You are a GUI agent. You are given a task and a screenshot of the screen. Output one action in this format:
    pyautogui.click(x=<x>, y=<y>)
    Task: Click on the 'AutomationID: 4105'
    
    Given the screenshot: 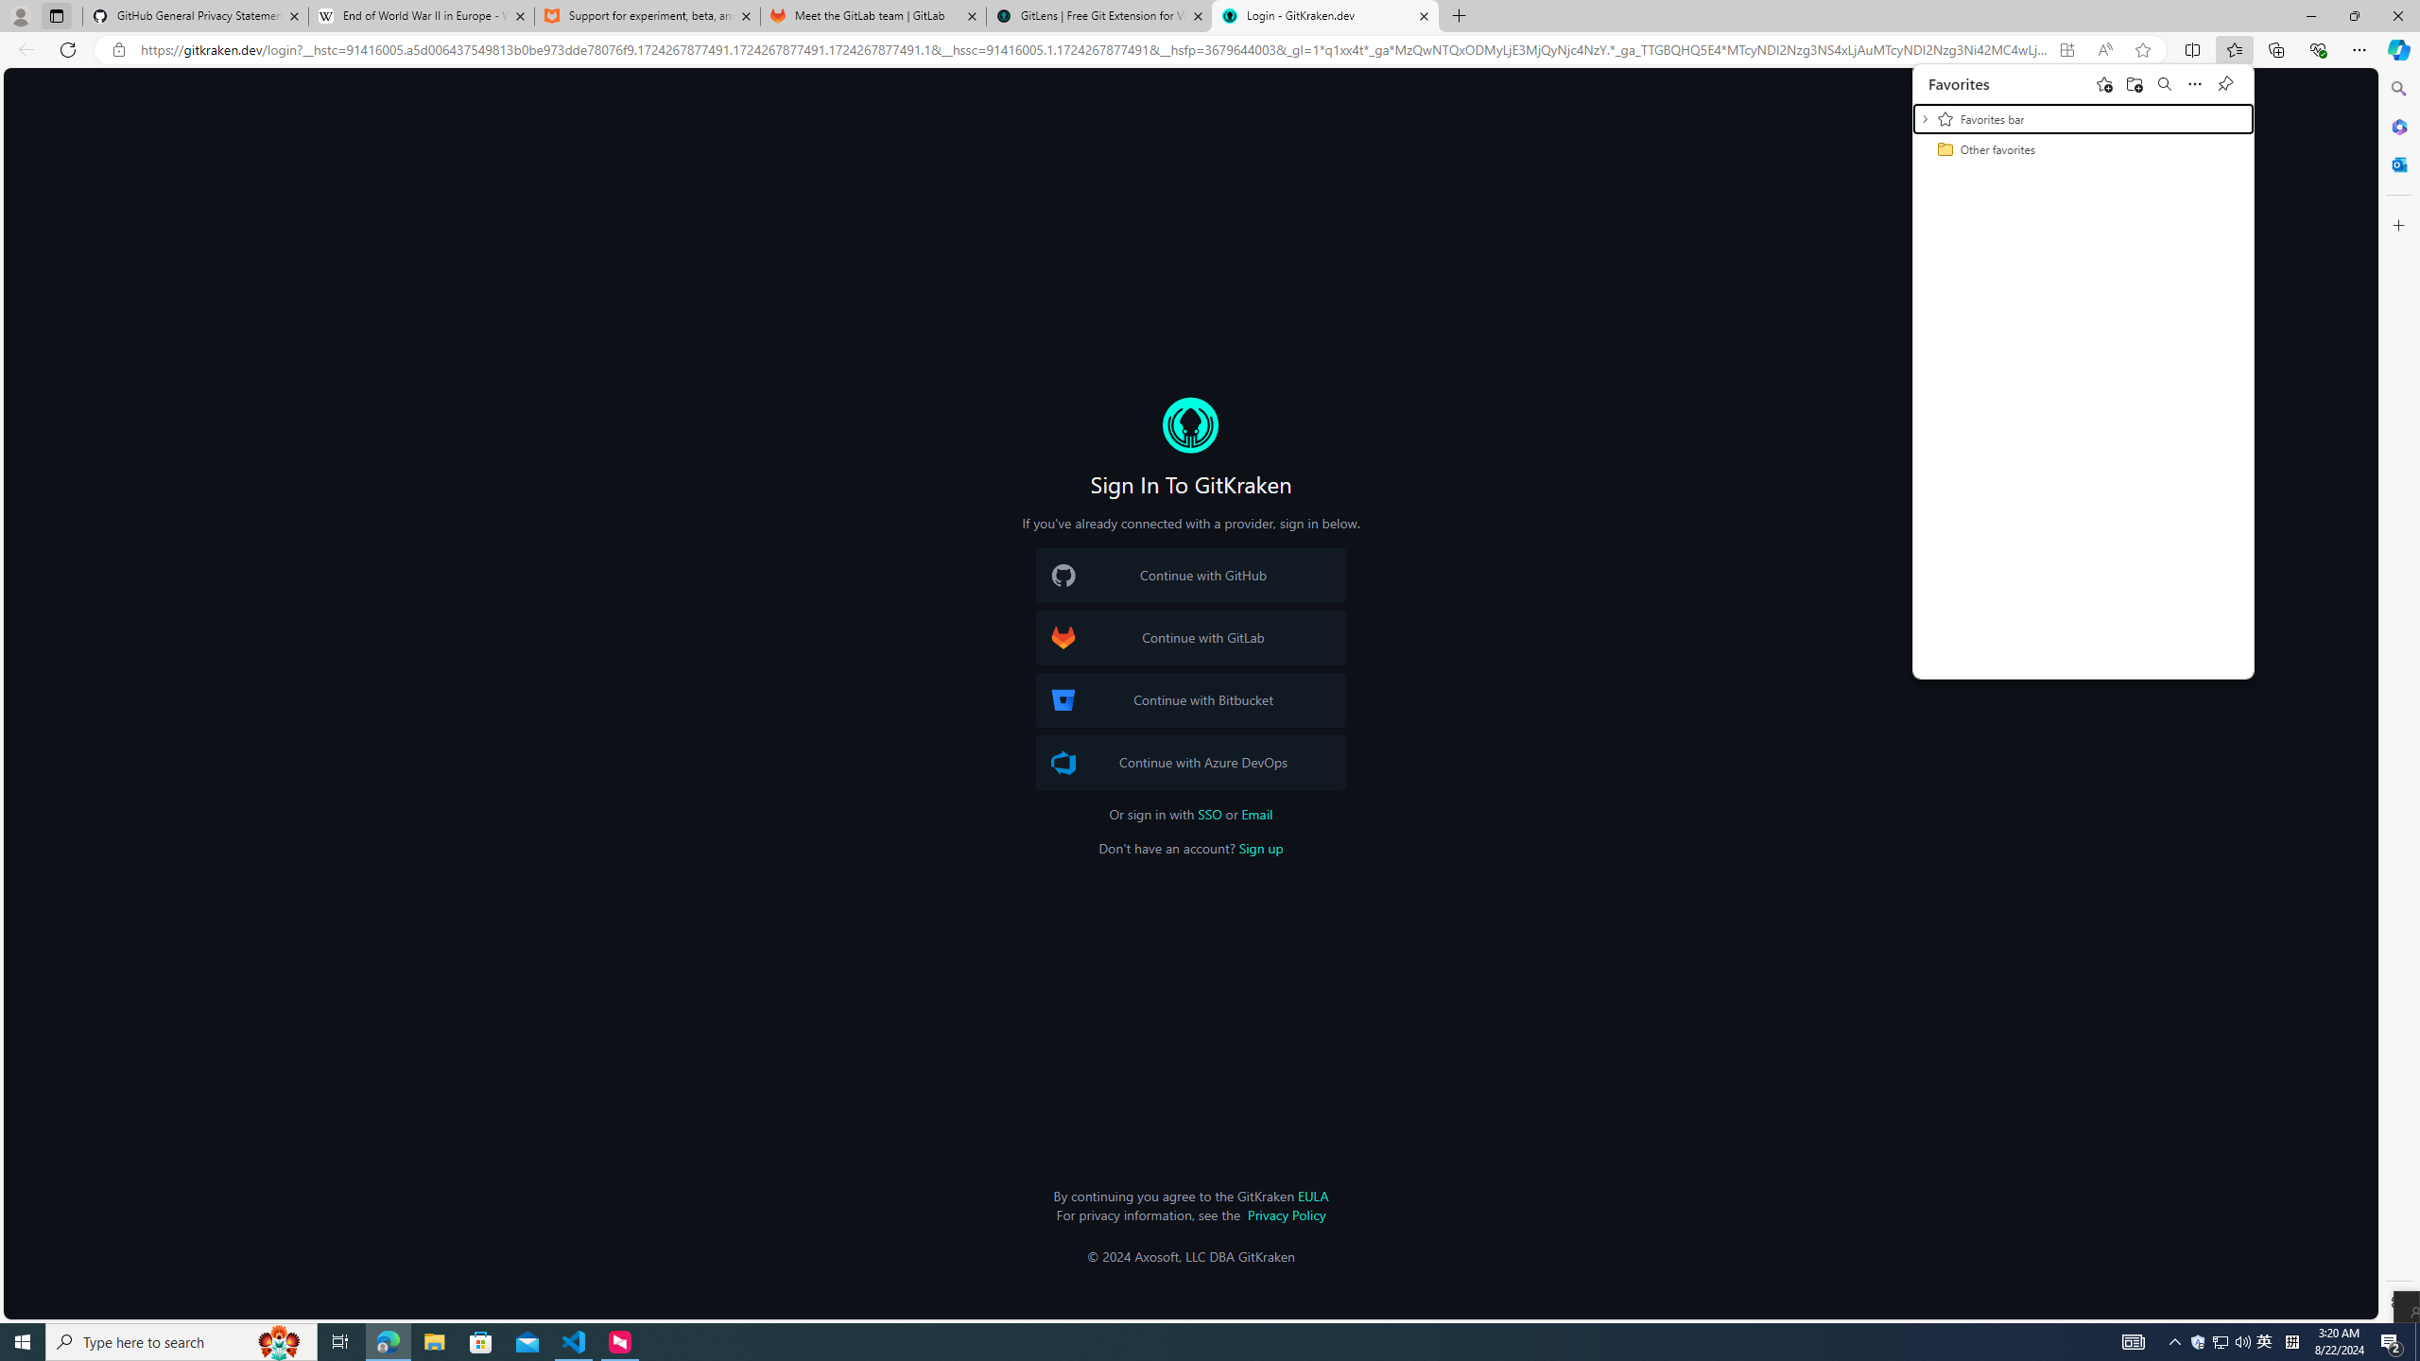 What is the action you would take?
    pyautogui.click(x=2132, y=1340)
    